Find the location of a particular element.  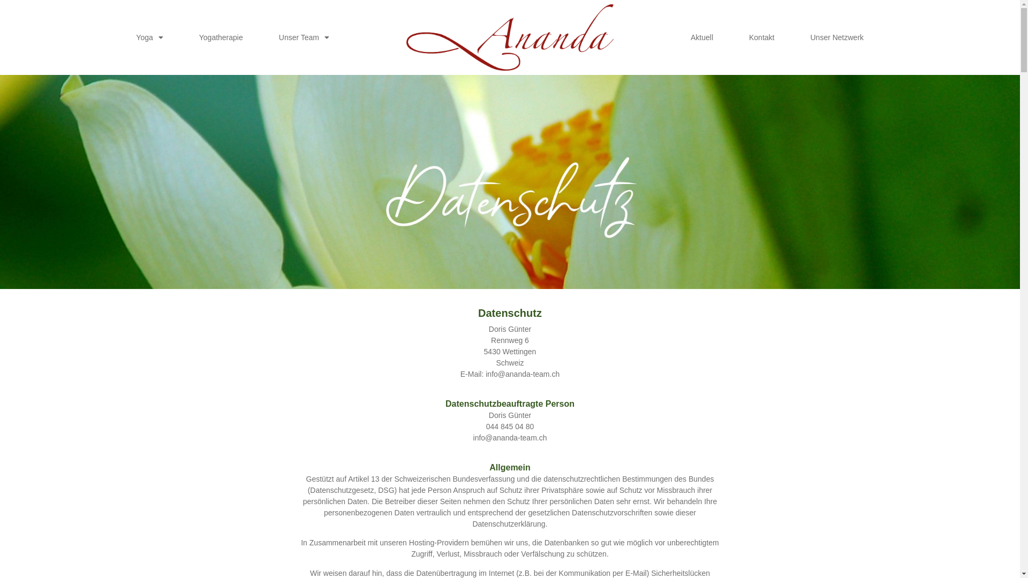

'Aktuell' is located at coordinates (701, 36).